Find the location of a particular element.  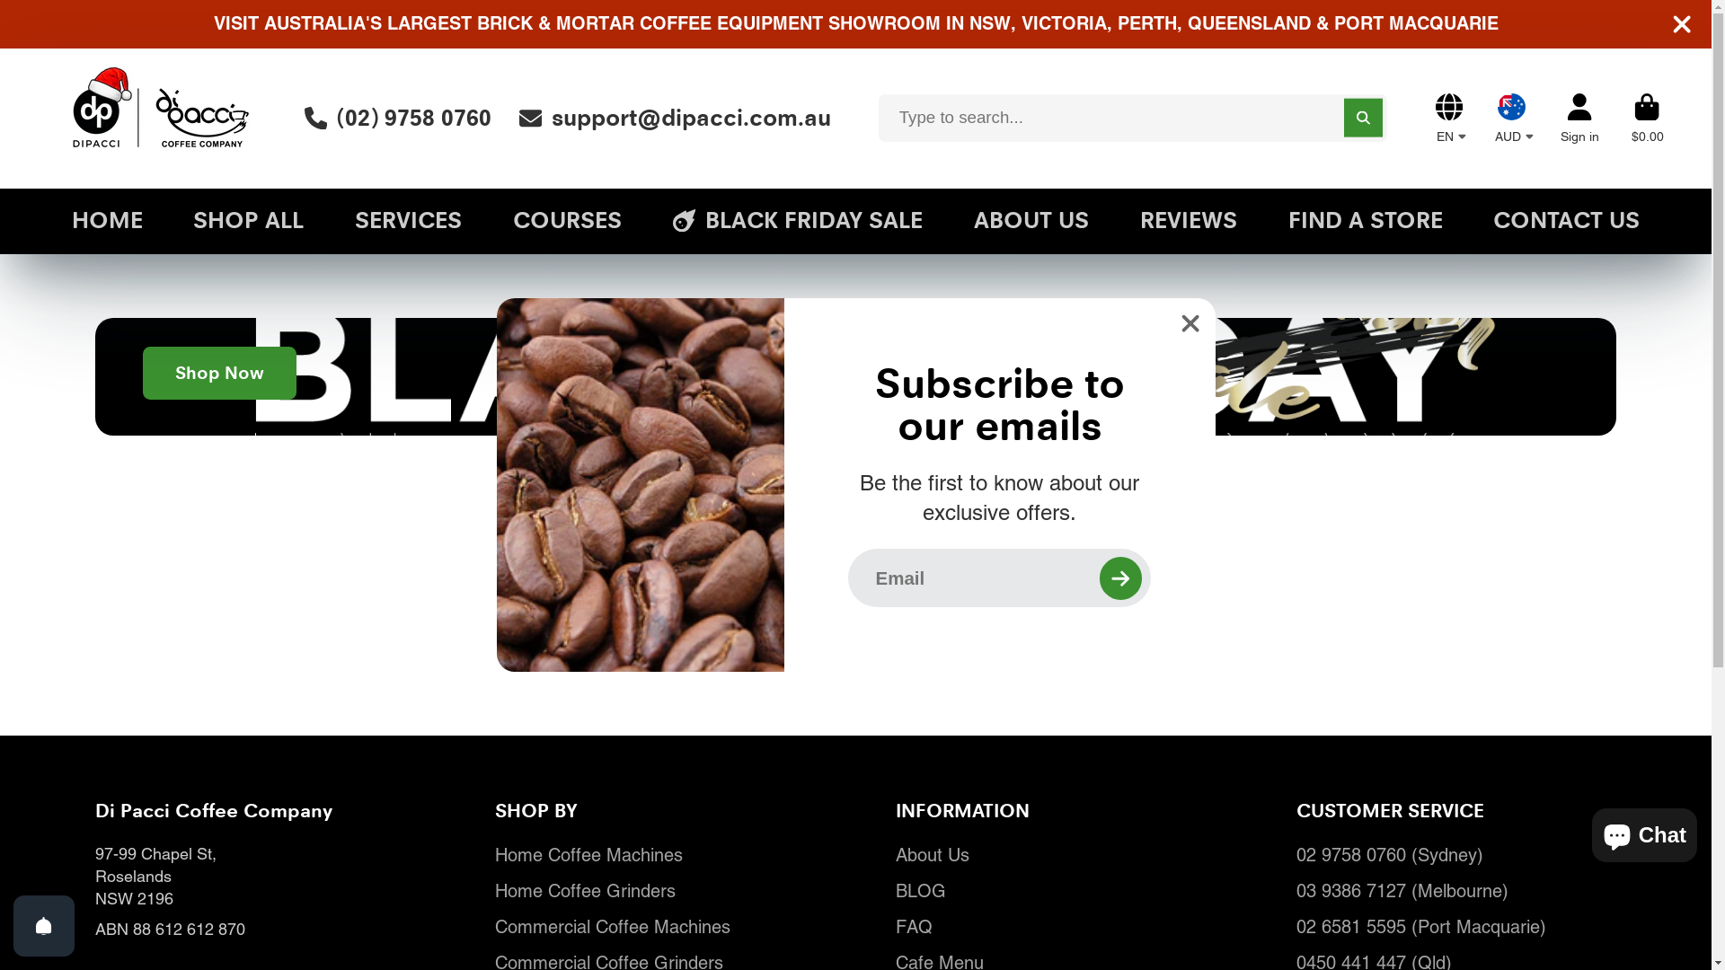

'Home Coffee Grinders' is located at coordinates (495, 891).